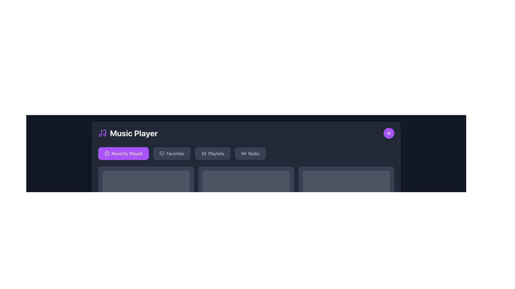 Image resolution: width=515 pixels, height=289 pixels. Describe the element at coordinates (127, 154) in the screenshot. I see `the 'Recently Played' text label within its button` at that location.